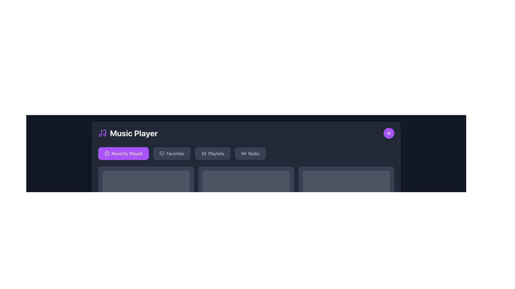 Image resolution: width=515 pixels, height=289 pixels. Describe the element at coordinates (127, 154) in the screenshot. I see `the 'Recently Played' text label within its button` at that location.